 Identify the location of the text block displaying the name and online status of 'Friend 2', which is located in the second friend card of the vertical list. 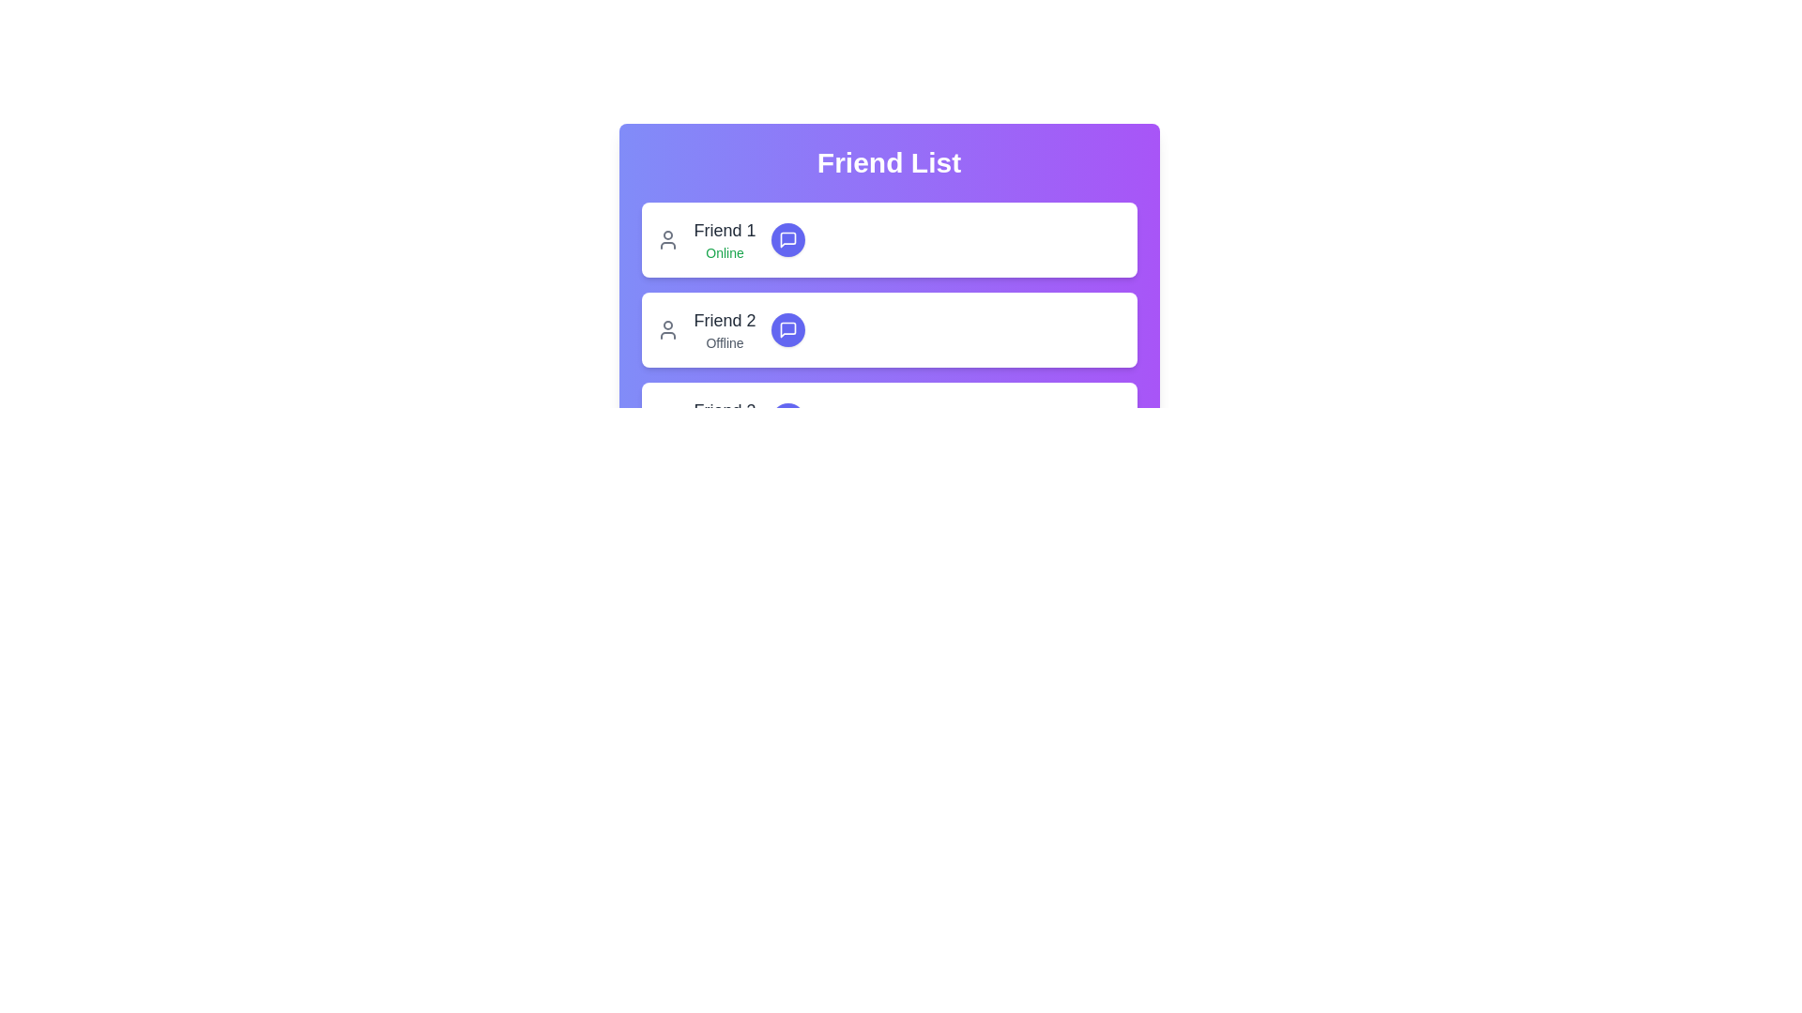
(724, 328).